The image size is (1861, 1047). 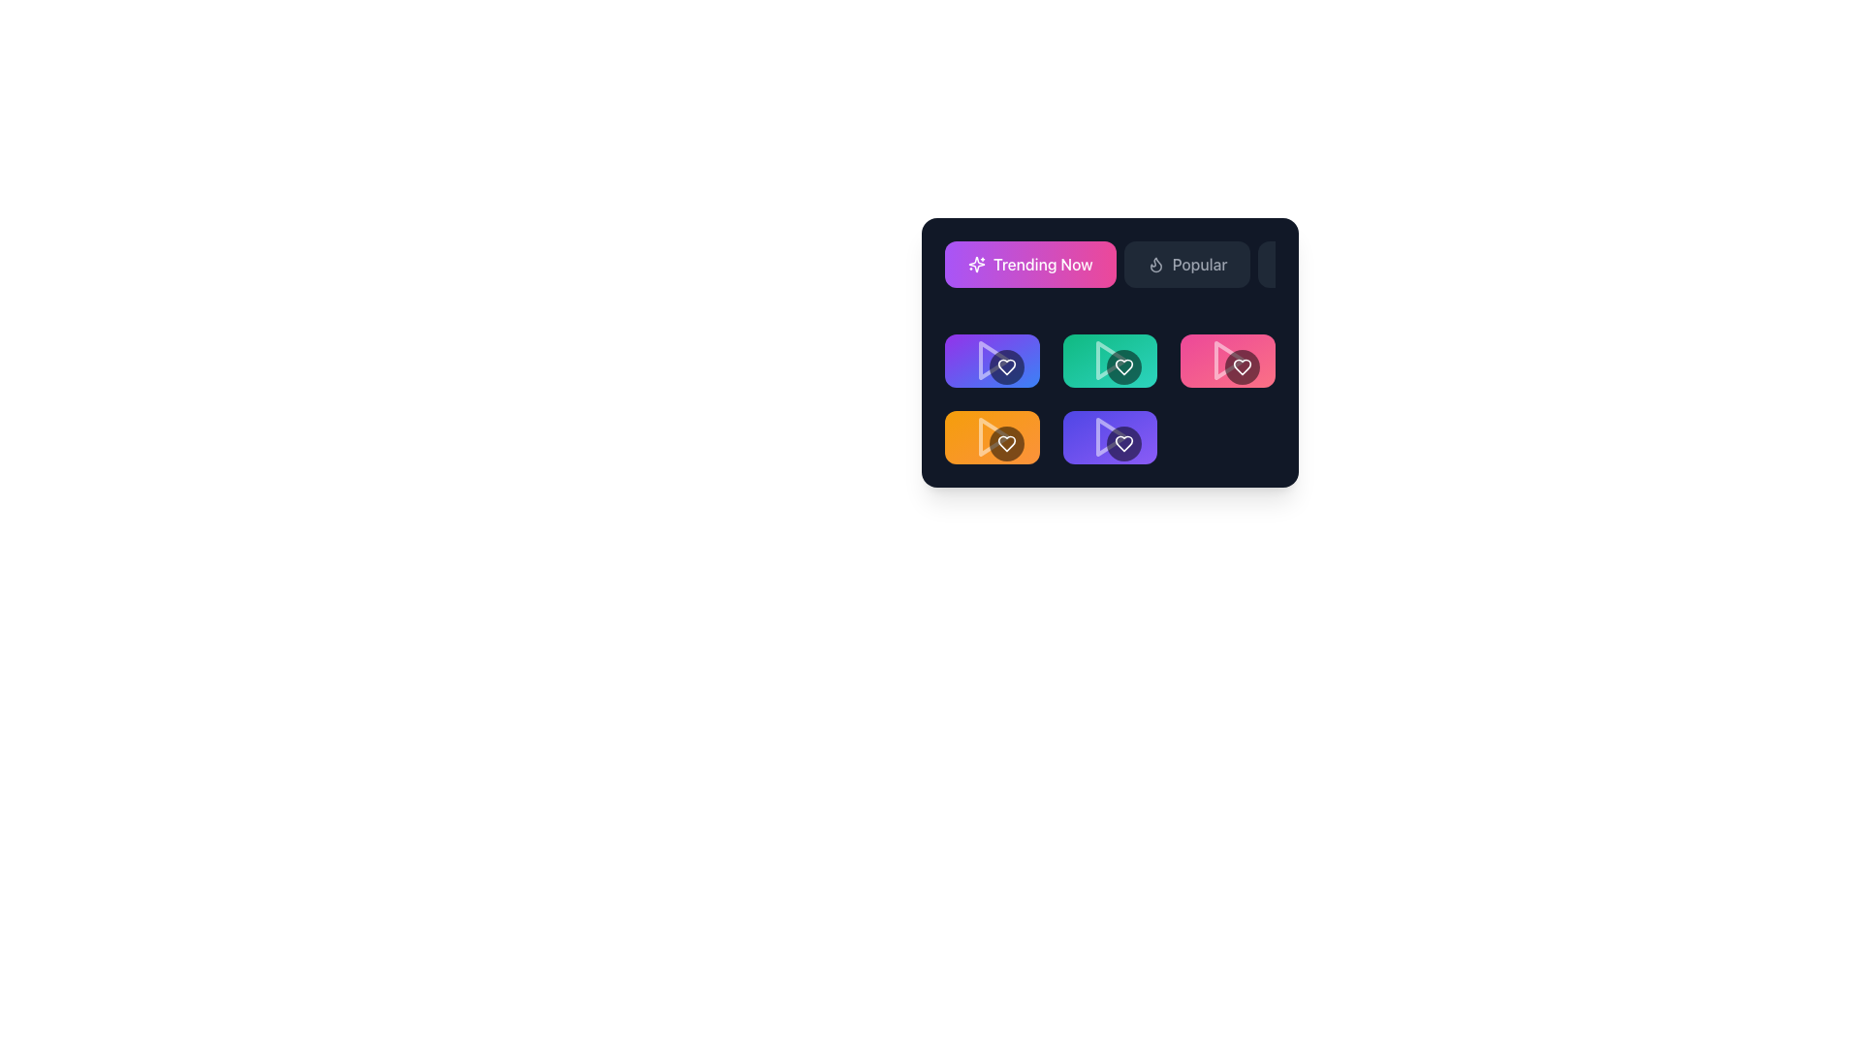 What do you see at coordinates (994, 437) in the screenshot?
I see `the play icon located at the bottom left grid item of the 2x3 grid layout, which is contained within an orange button` at bounding box center [994, 437].